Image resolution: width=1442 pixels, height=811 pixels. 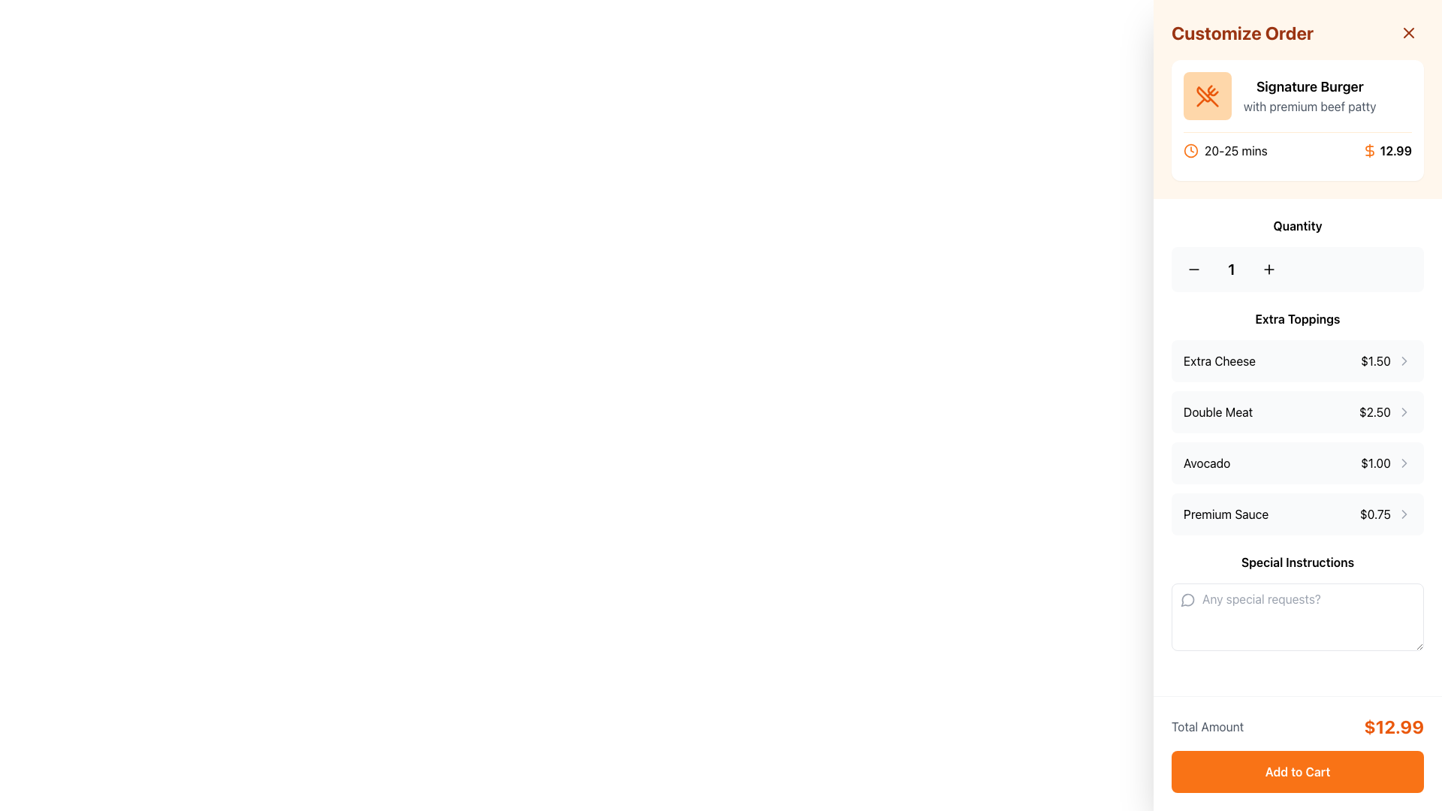 I want to click on the chevron icon located to the right of the price text '$1.00' for the 'Avocado' item under the 'Extra Toppings' list, so click(x=1404, y=463).